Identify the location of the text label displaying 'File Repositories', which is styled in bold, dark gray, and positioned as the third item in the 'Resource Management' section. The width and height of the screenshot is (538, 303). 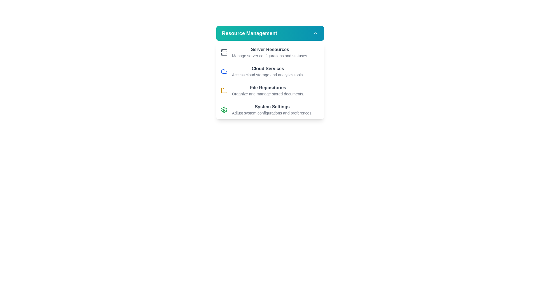
(268, 88).